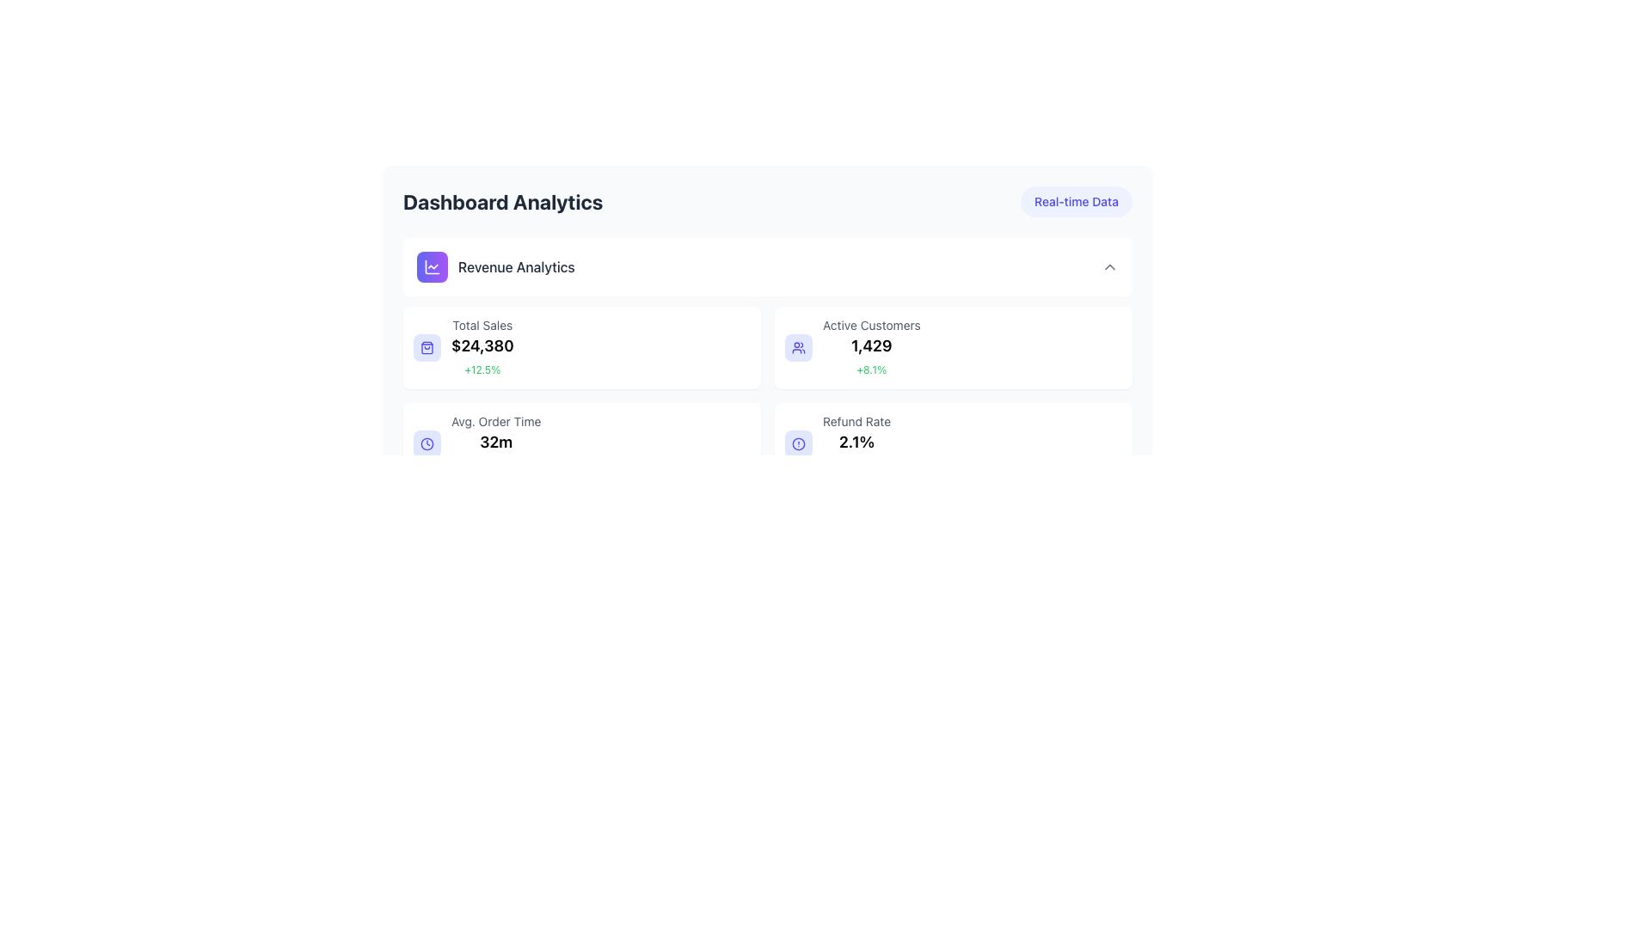 The height and width of the screenshot is (928, 1651). Describe the element at coordinates (856, 421) in the screenshot. I see `the 'Refund Rate' text label, which is located in the lower-right segment of the interface, indicating the context of the numerical data presented below it` at that location.